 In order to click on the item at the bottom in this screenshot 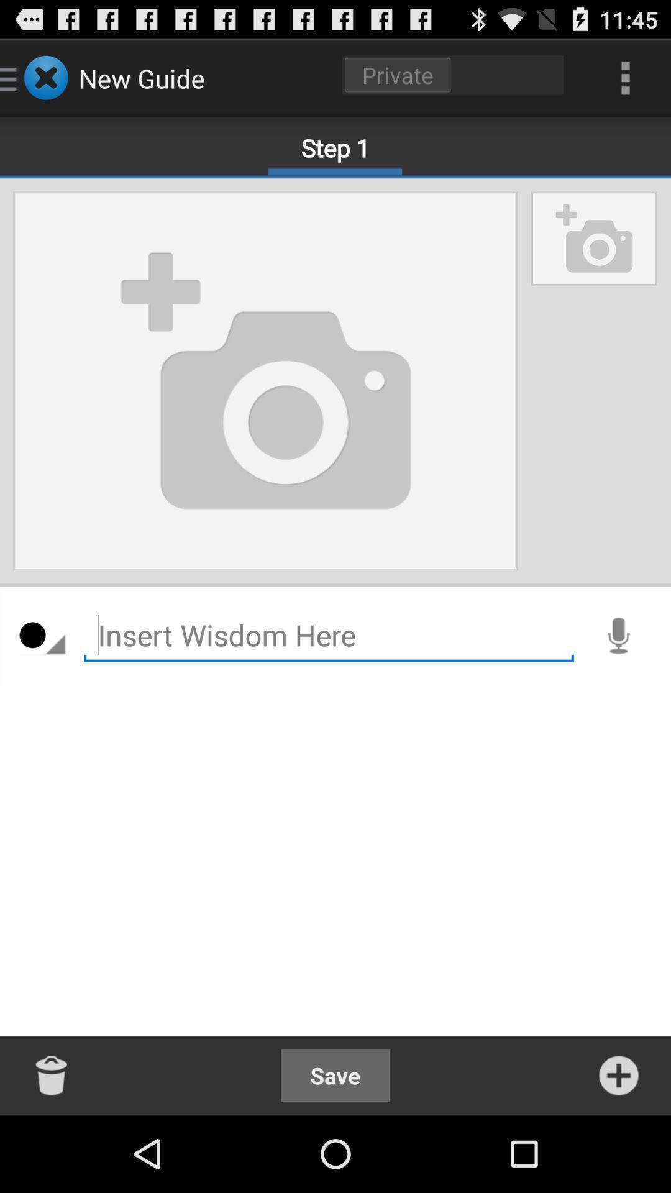, I will do `click(334, 1075)`.